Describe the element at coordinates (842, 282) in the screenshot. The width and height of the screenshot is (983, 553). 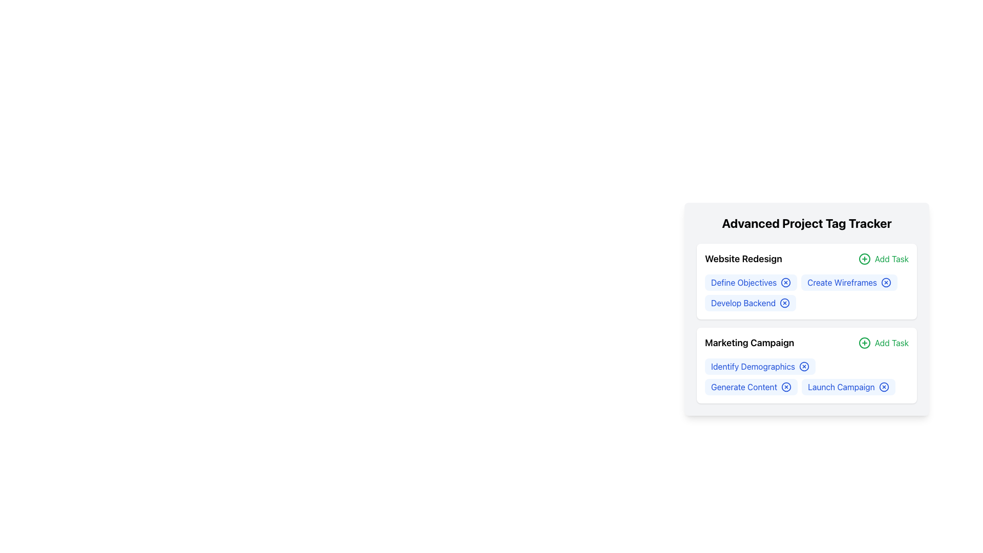
I see `the text label indicating the task 'Create Wireframes' within the 'Website Redesign' section` at that location.